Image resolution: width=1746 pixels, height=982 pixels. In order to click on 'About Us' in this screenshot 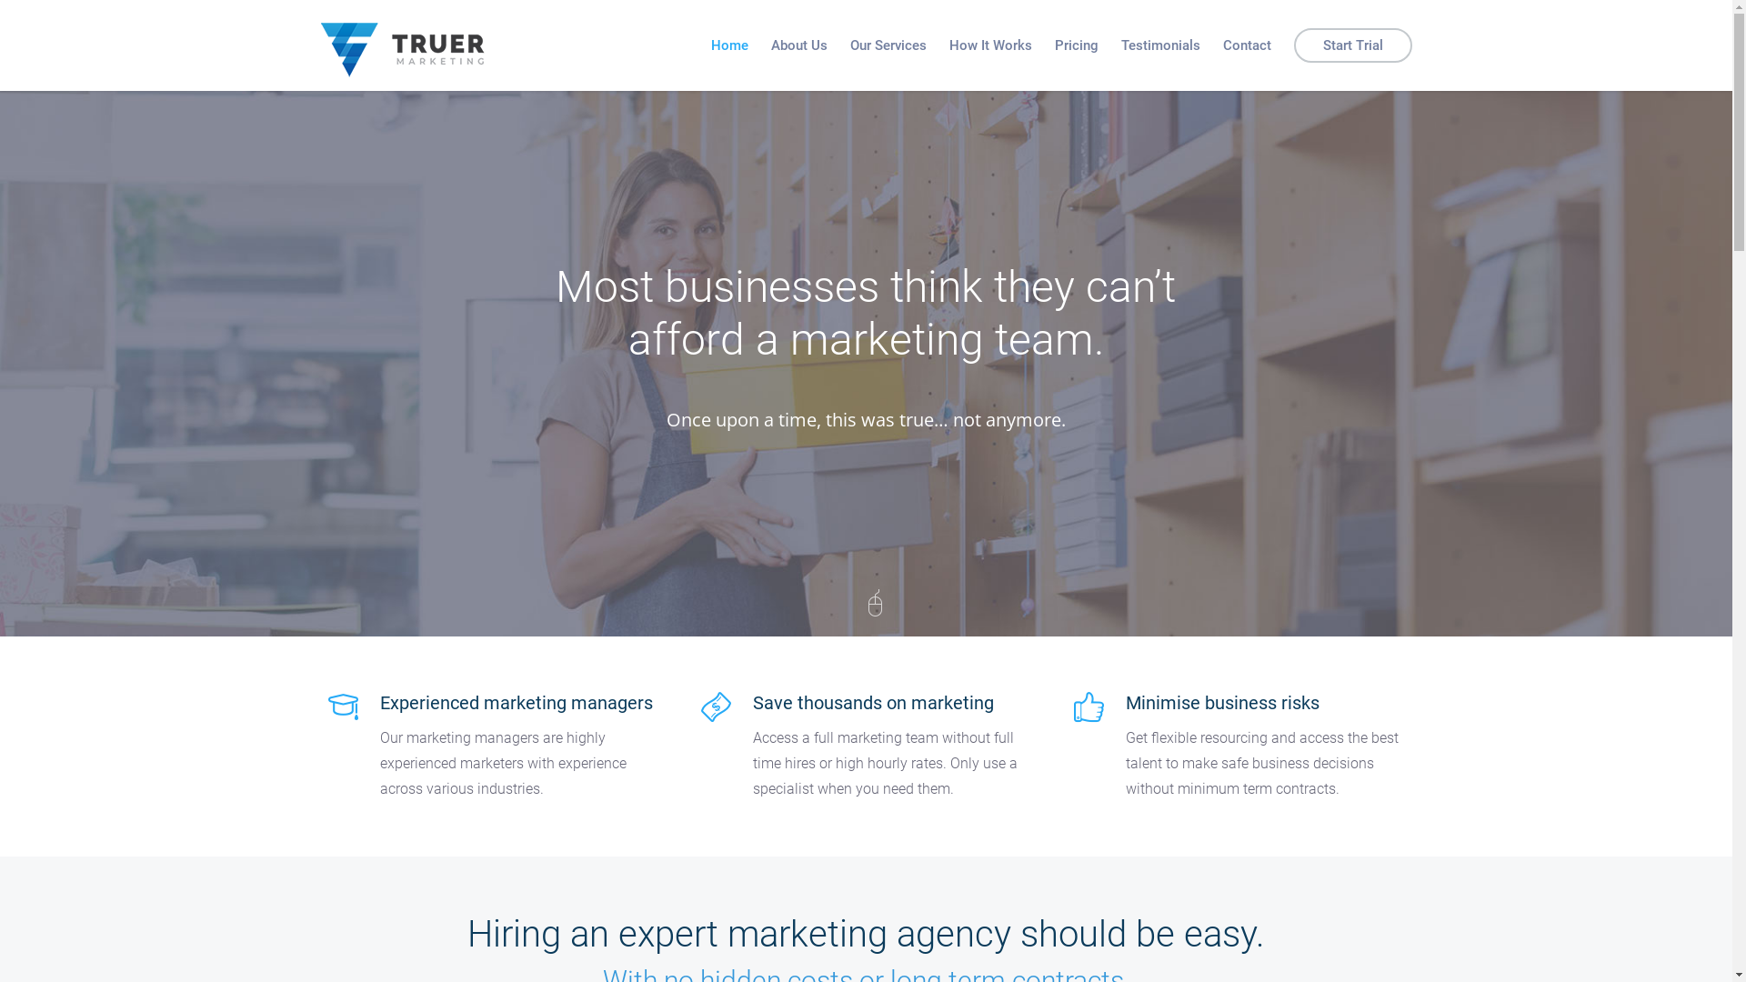, I will do `click(798, 45)`.